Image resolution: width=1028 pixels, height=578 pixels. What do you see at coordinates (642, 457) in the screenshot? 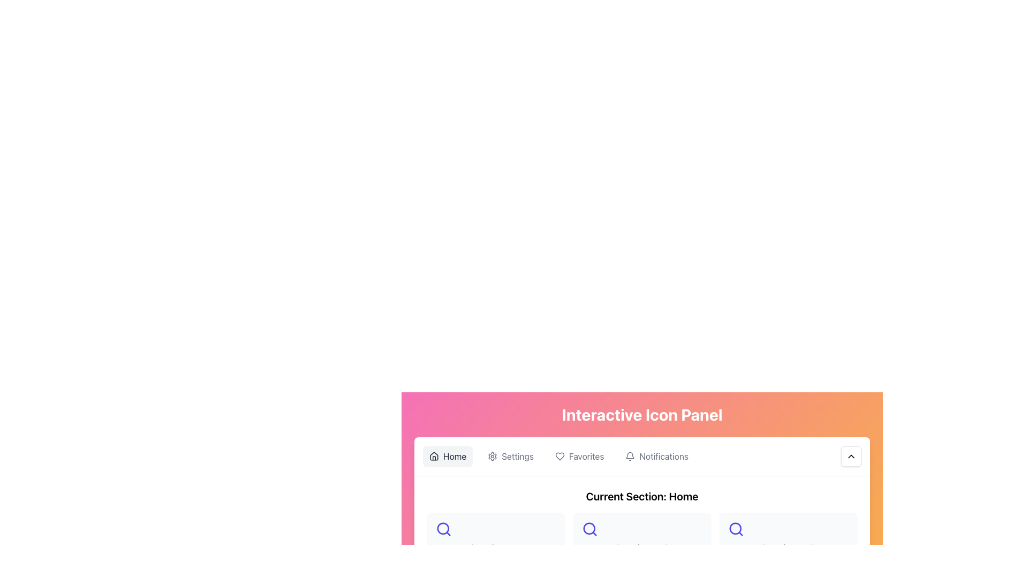
I see `the 'Notifications' button on the navigation bar located beneath the 'Interactive Icon Panel'` at bounding box center [642, 457].